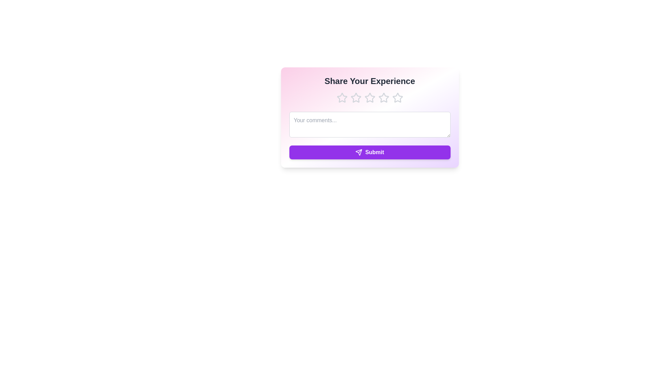  What do you see at coordinates (369, 98) in the screenshot?
I see `the third star in the horizontal row of five stars in the rating widget located at the top of the feedback form` at bounding box center [369, 98].